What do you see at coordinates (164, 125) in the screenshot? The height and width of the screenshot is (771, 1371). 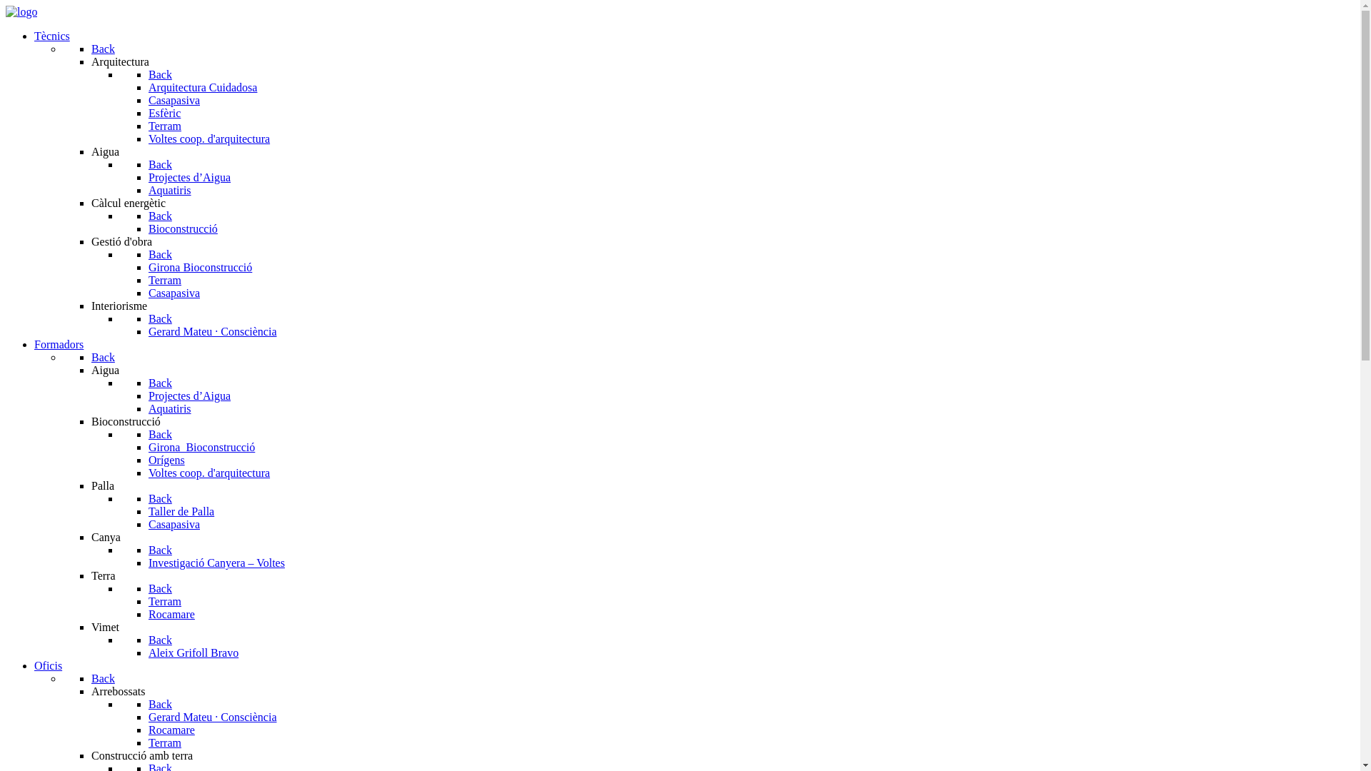 I see `'Terram'` at bounding box center [164, 125].